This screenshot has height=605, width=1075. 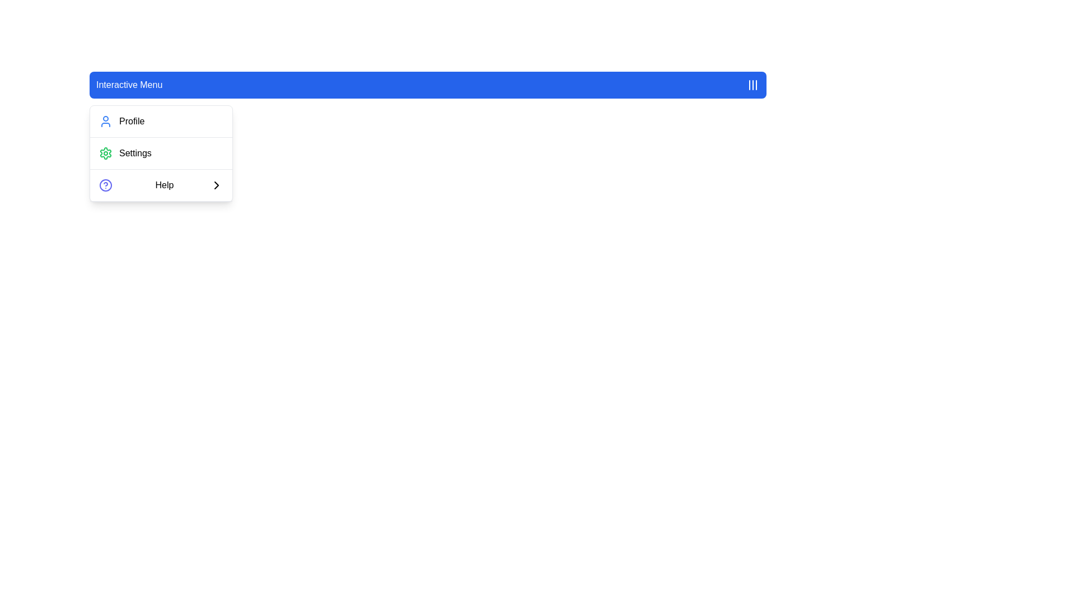 What do you see at coordinates (105, 185) in the screenshot?
I see `the circular graphic that serves a decorative function within the 'Help' menu option, which is the third item in the vertical menu list` at bounding box center [105, 185].